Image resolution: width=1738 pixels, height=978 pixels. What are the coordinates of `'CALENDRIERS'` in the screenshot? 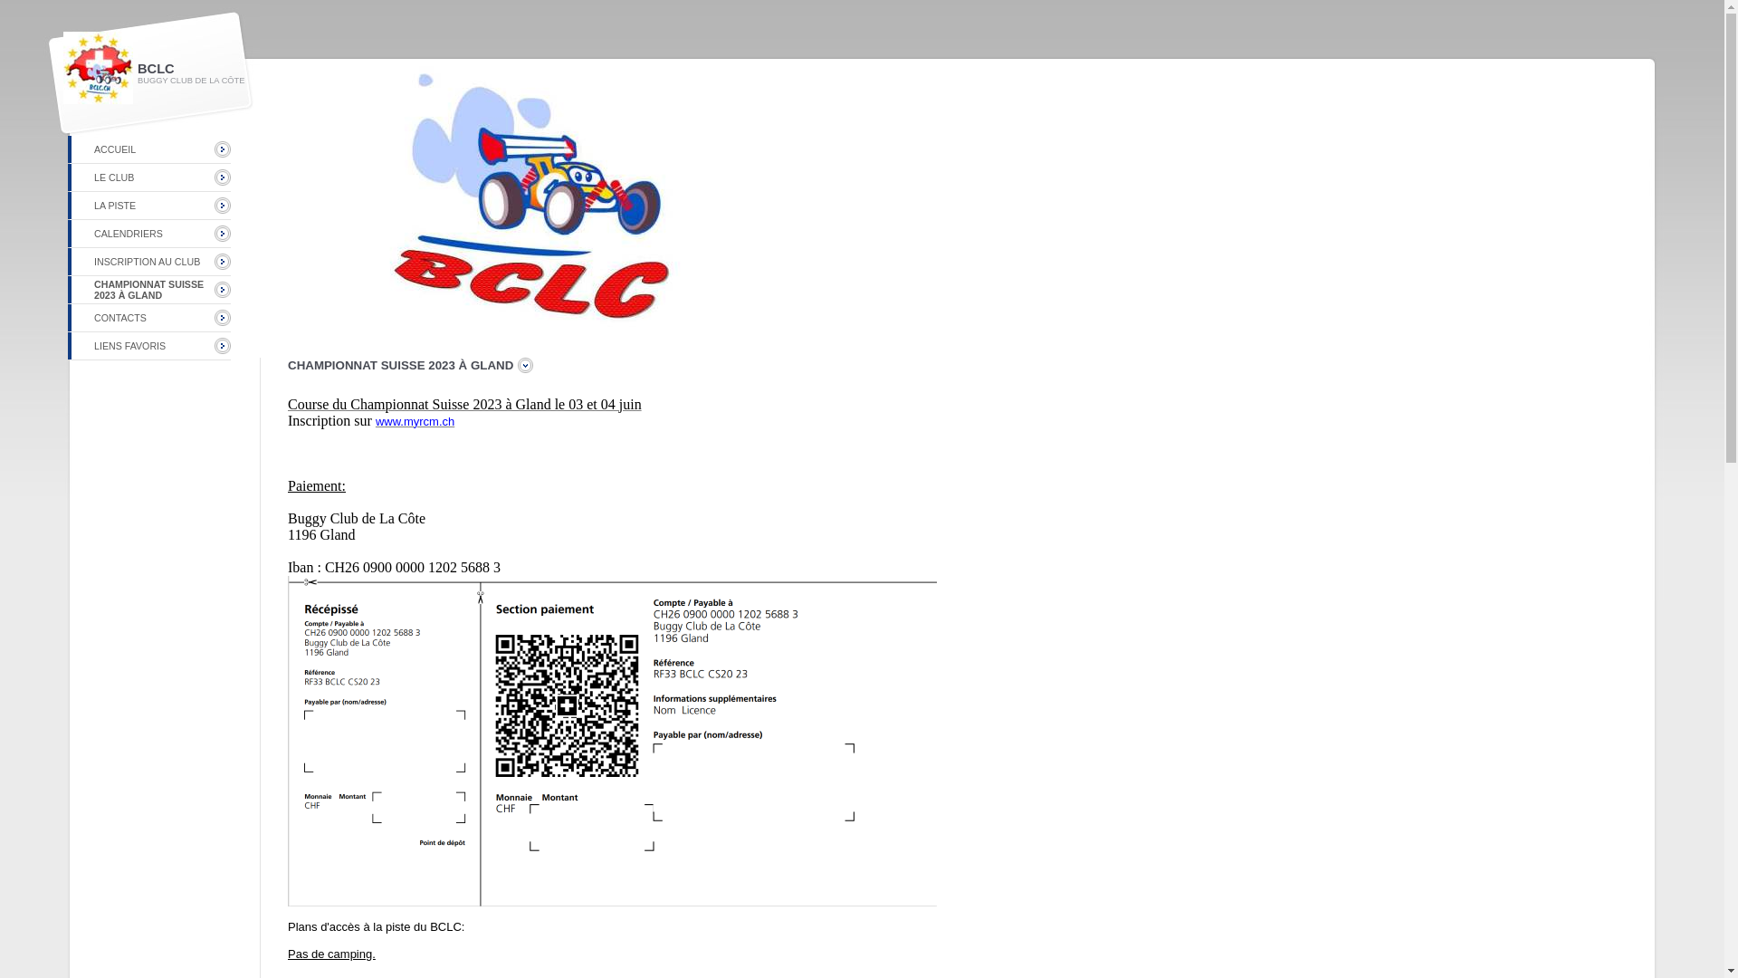 It's located at (93, 233).